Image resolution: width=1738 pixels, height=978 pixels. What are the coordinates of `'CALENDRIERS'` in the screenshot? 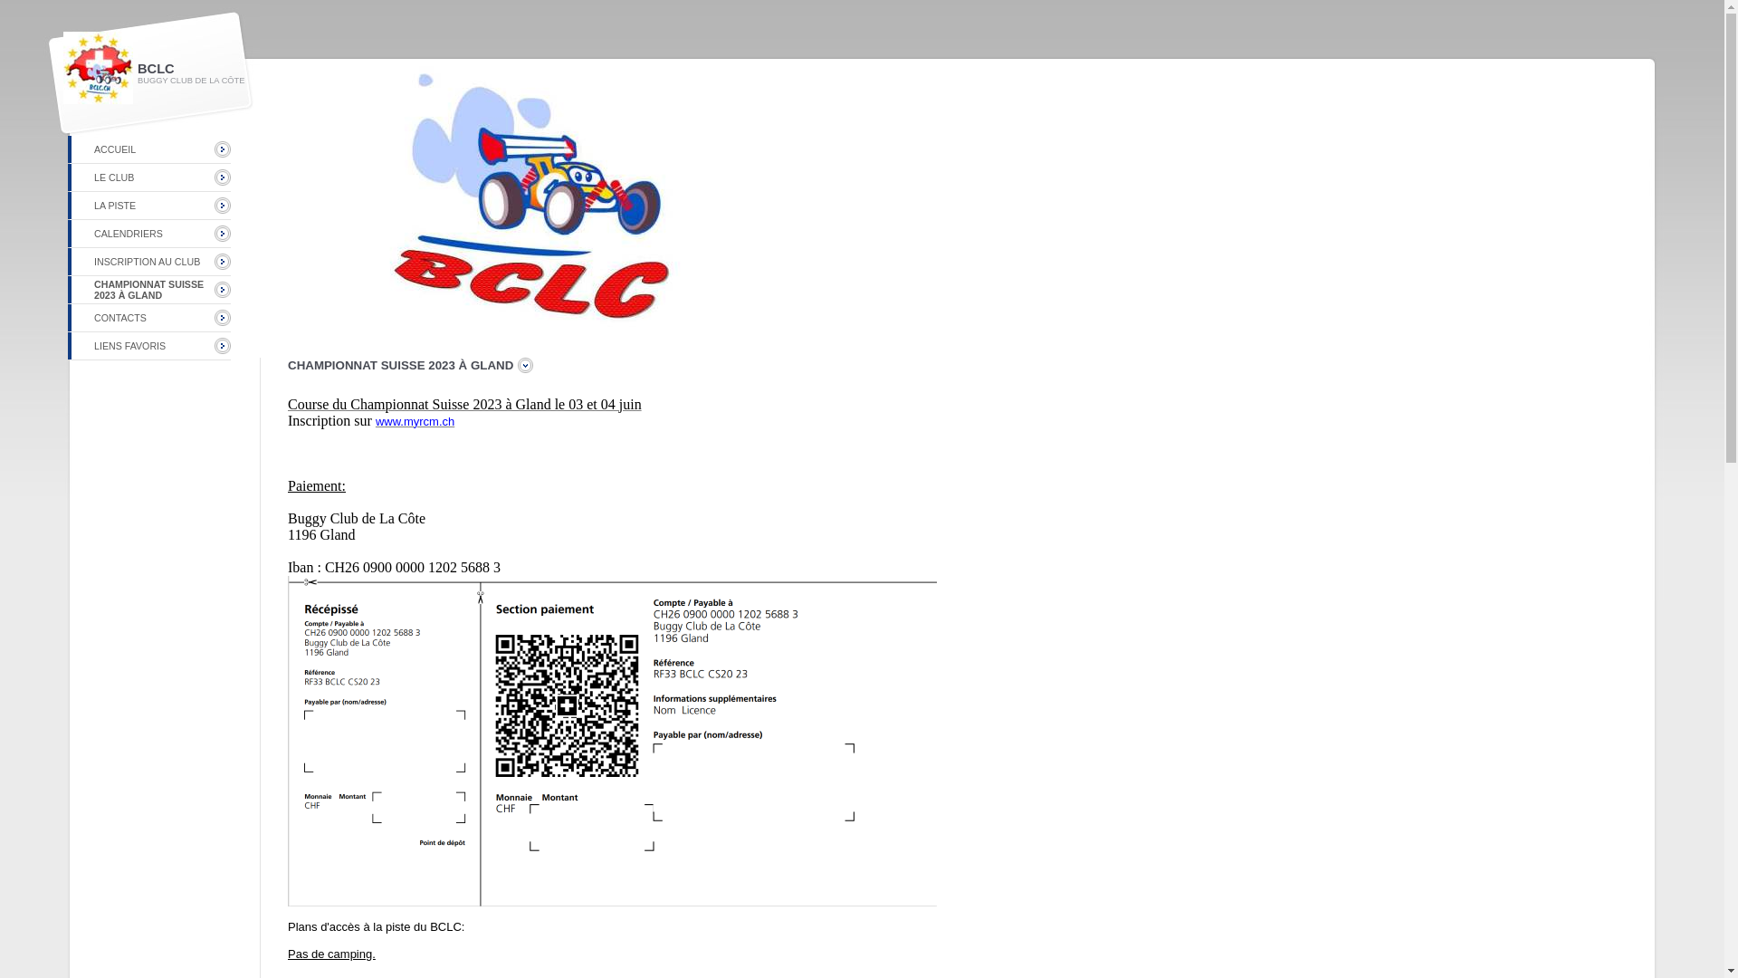 It's located at (93, 233).